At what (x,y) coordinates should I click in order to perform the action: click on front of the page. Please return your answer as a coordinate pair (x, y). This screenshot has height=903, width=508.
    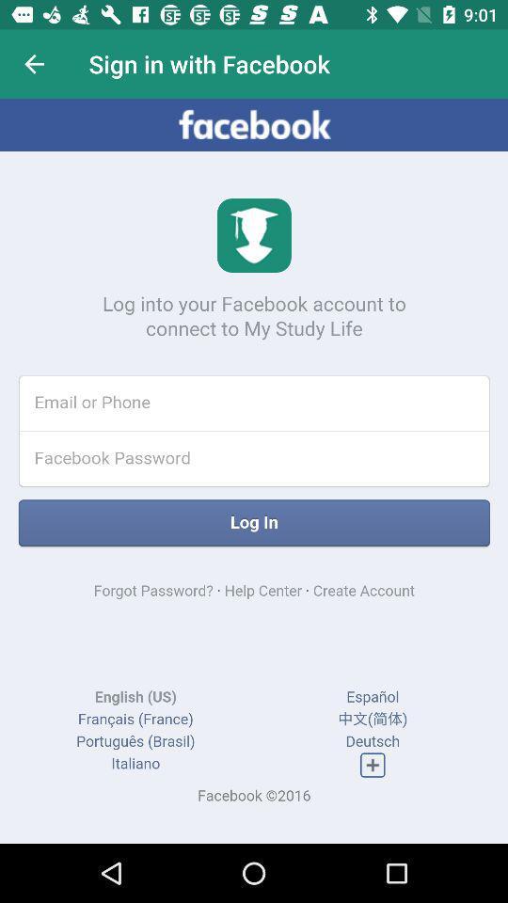
    Looking at the image, I should click on (254, 470).